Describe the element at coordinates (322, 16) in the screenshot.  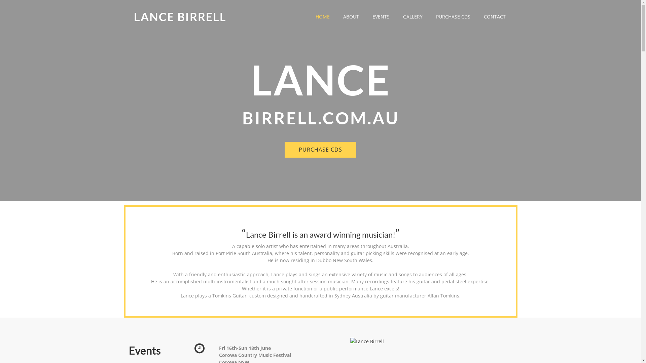
I see `'HOME'` at that location.